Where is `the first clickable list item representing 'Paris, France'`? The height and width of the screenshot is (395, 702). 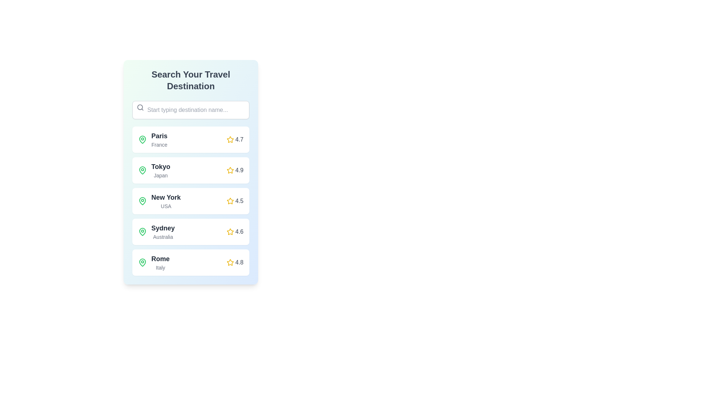
the first clickable list item representing 'Paris, France' is located at coordinates (191, 139).